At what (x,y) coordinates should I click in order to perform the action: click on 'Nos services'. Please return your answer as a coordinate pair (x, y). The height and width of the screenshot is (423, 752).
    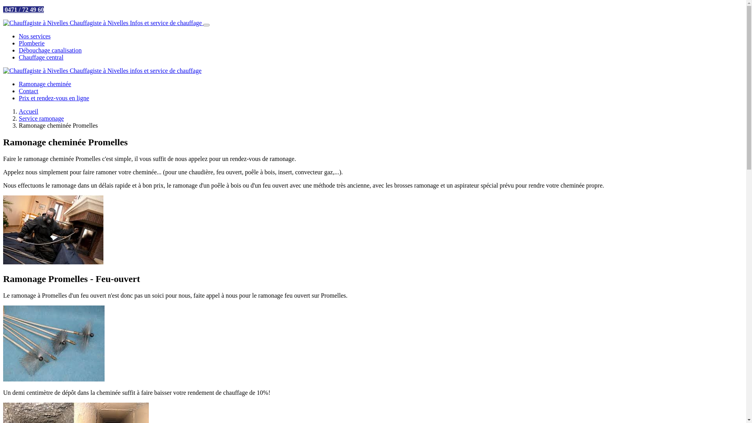
    Looking at the image, I should click on (34, 36).